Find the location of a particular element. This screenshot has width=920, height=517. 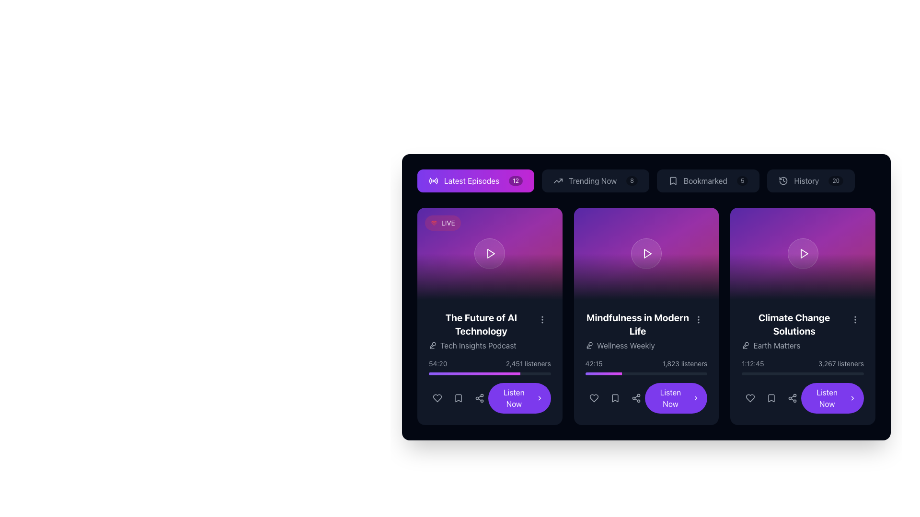

keyboard navigation is located at coordinates (490, 398).